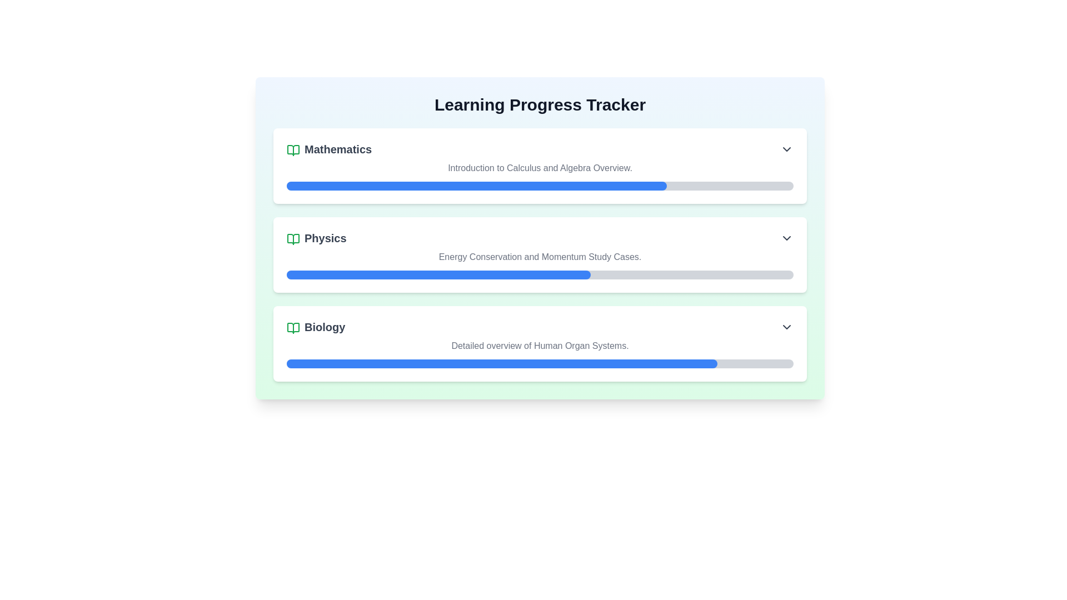  What do you see at coordinates (540, 166) in the screenshot?
I see `the Mathematics module summary Card component, which is the first card in the Learning Progress Tracker section and features a title, description, and progress bar` at bounding box center [540, 166].